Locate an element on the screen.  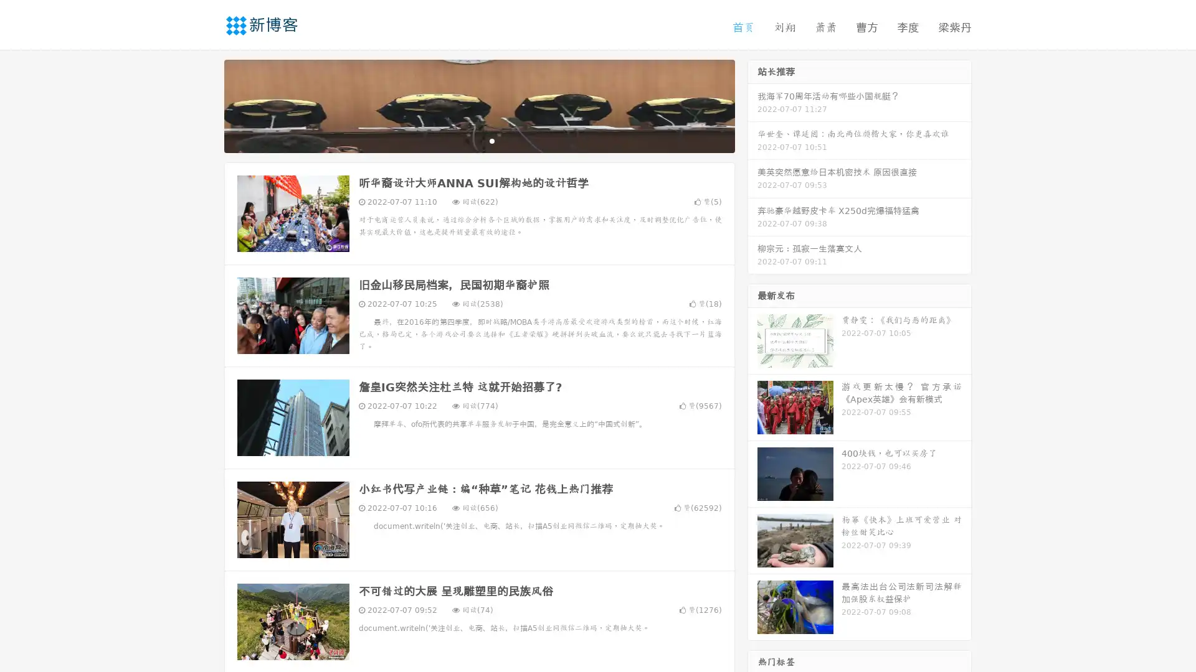
Go to slide 1 is located at coordinates (466, 140).